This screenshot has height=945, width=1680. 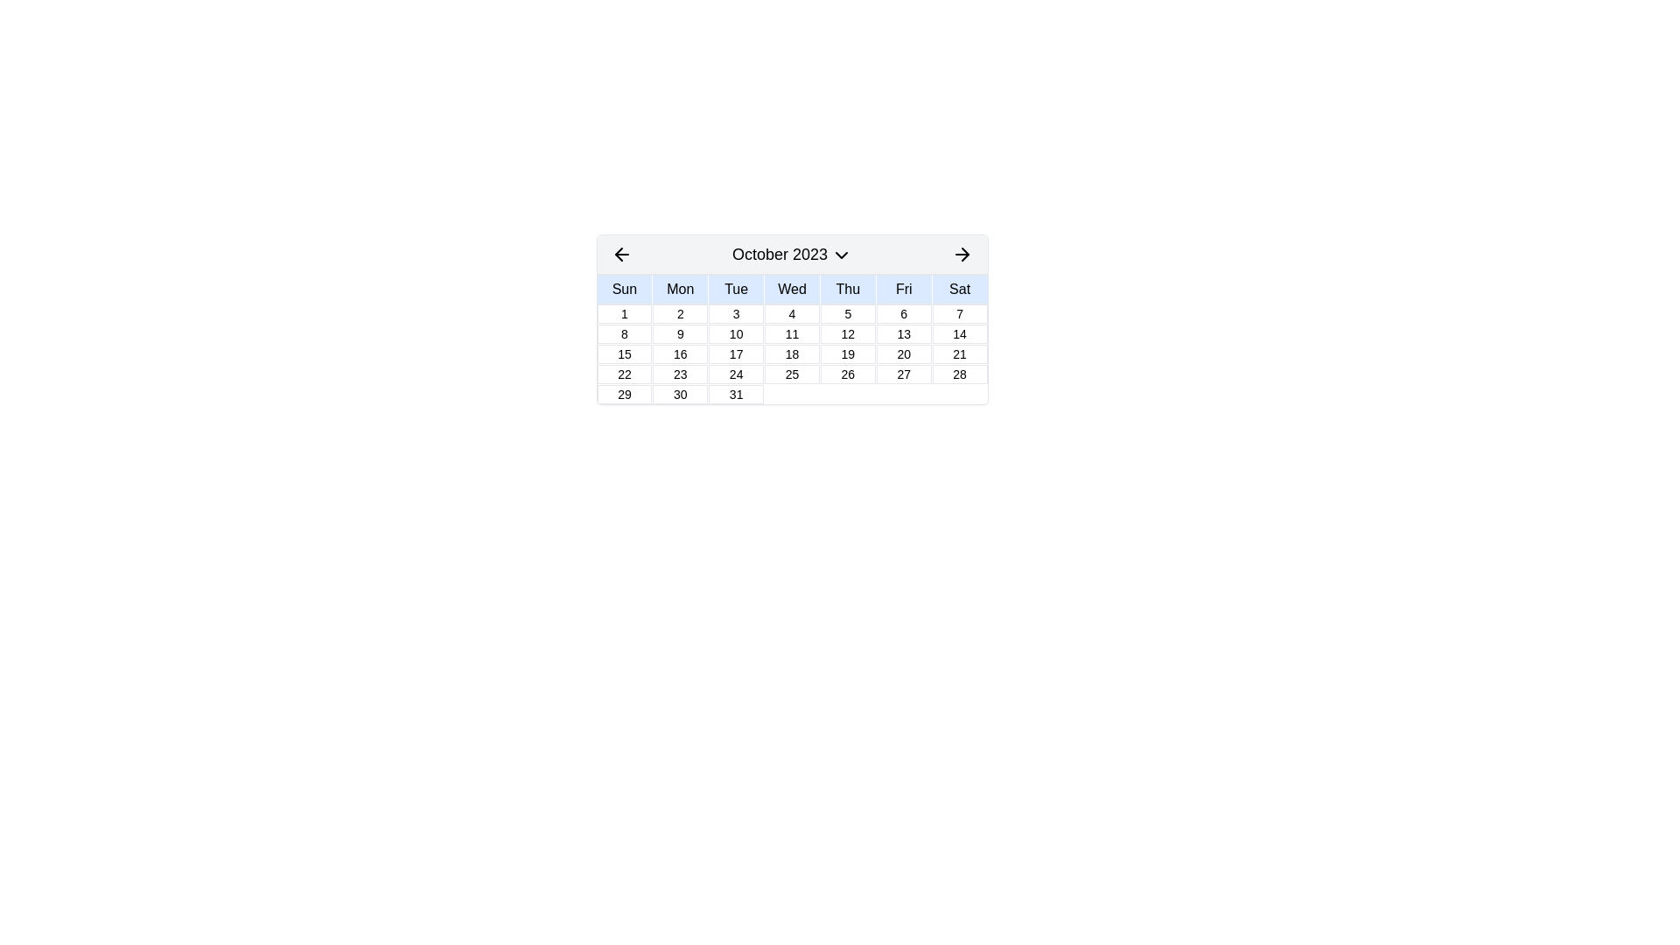 What do you see at coordinates (679, 354) in the screenshot?
I see `the text label displaying '16' in a plain black font on a white background, representing Monday, October 16th in the calendar grid` at bounding box center [679, 354].